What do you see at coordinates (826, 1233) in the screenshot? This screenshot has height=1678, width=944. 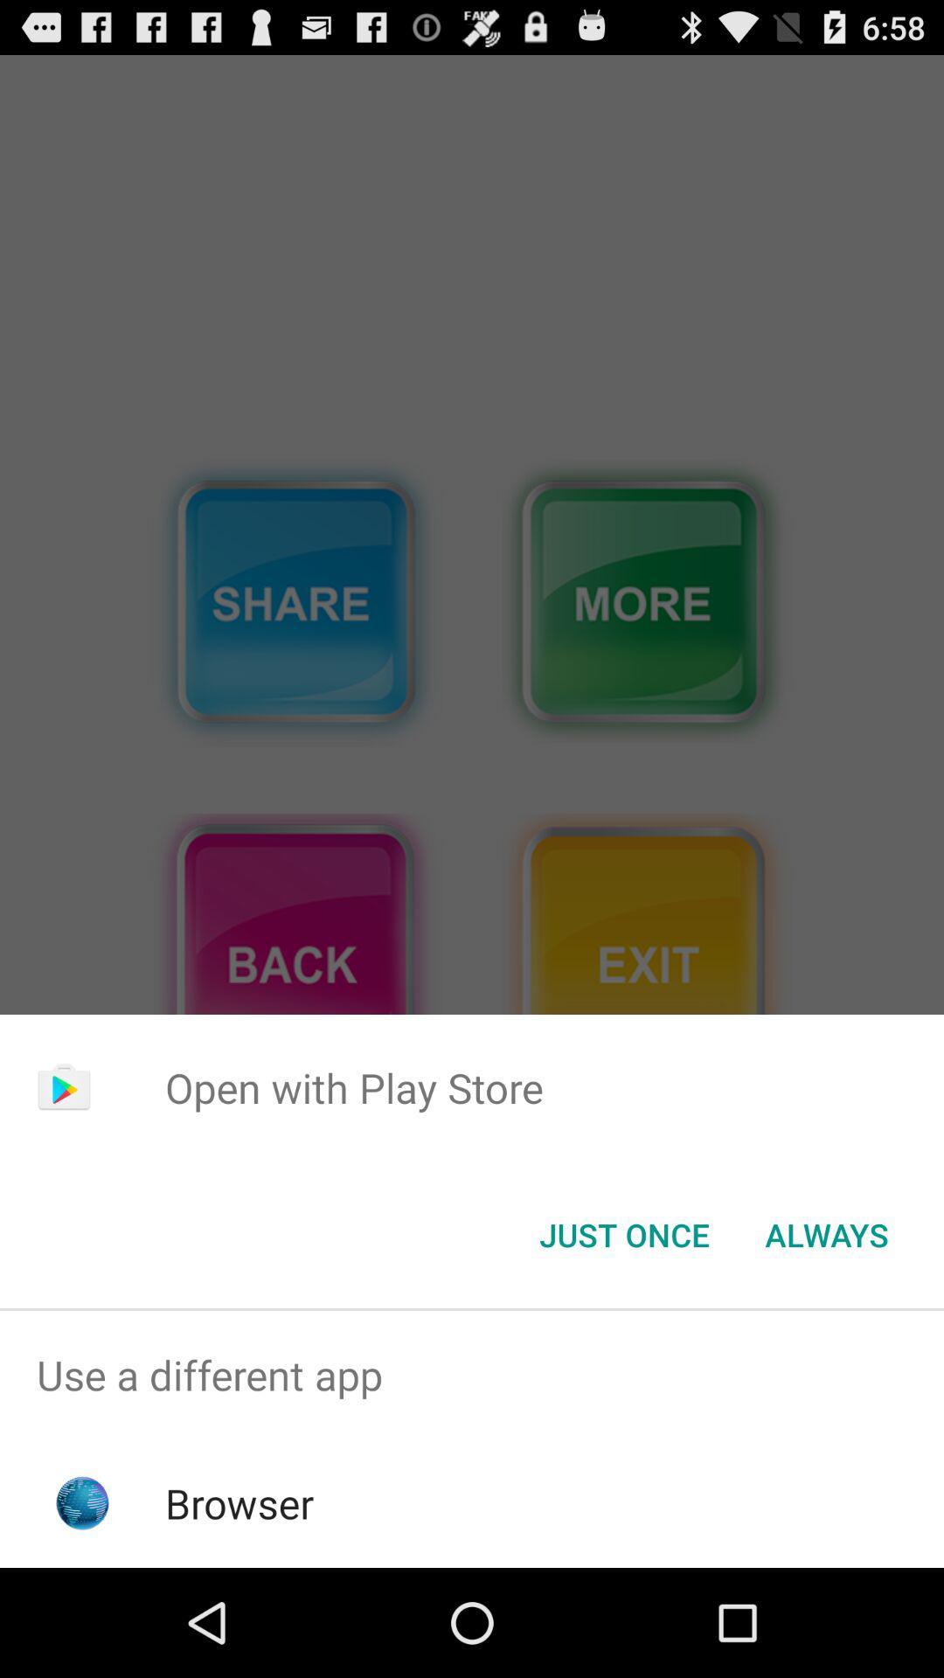 I see `the icon next to the just once icon` at bounding box center [826, 1233].